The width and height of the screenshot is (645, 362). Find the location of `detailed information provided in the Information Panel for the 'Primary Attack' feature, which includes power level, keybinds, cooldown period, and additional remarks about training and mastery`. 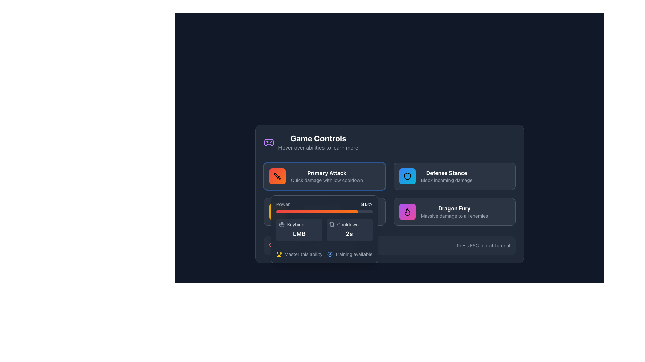

detailed information provided in the Information Panel for the 'Primary Attack' feature, which includes power level, keybinds, cooldown period, and additional remarks about training and mastery is located at coordinates (324, 229).